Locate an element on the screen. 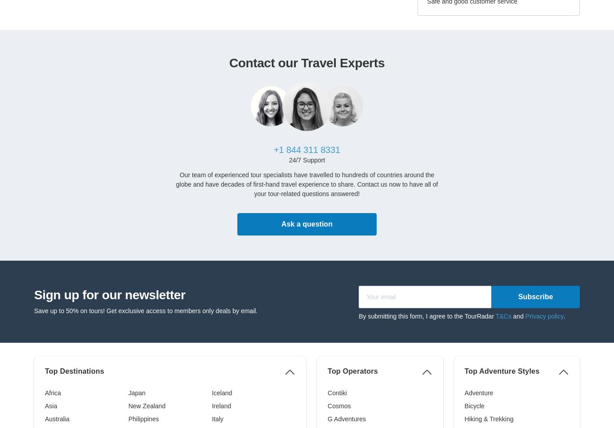 Image resolution: width=614 pixels, height=428 pixels. 'By submitting this form, I agree to the TourRadar' is located at coordinates (427, 315).